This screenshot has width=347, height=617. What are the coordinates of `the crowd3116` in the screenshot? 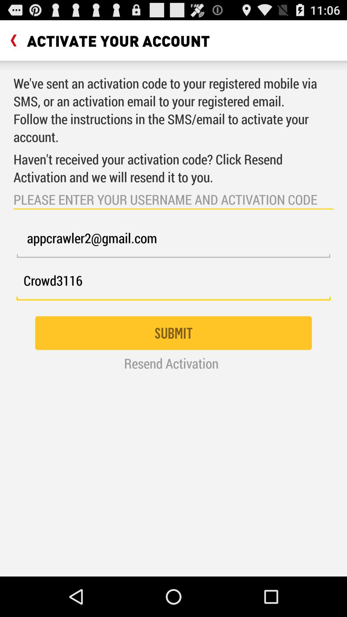 It's located at (173, 284).